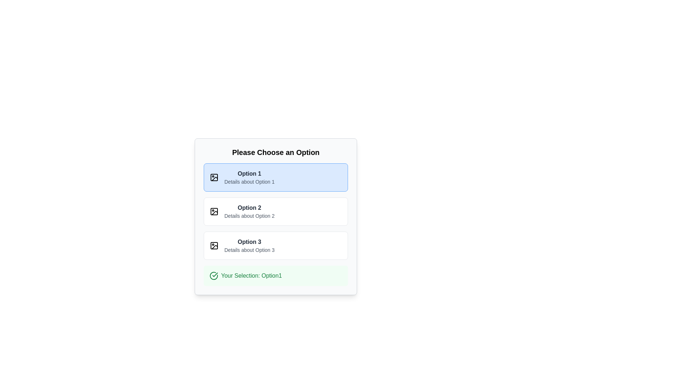 This screenshot has width=696, height=392. I want to click on the 'Option 2' button located between 'Option 1' and 'Option 3' in the vertical list of interactive options, so click(275, 216).